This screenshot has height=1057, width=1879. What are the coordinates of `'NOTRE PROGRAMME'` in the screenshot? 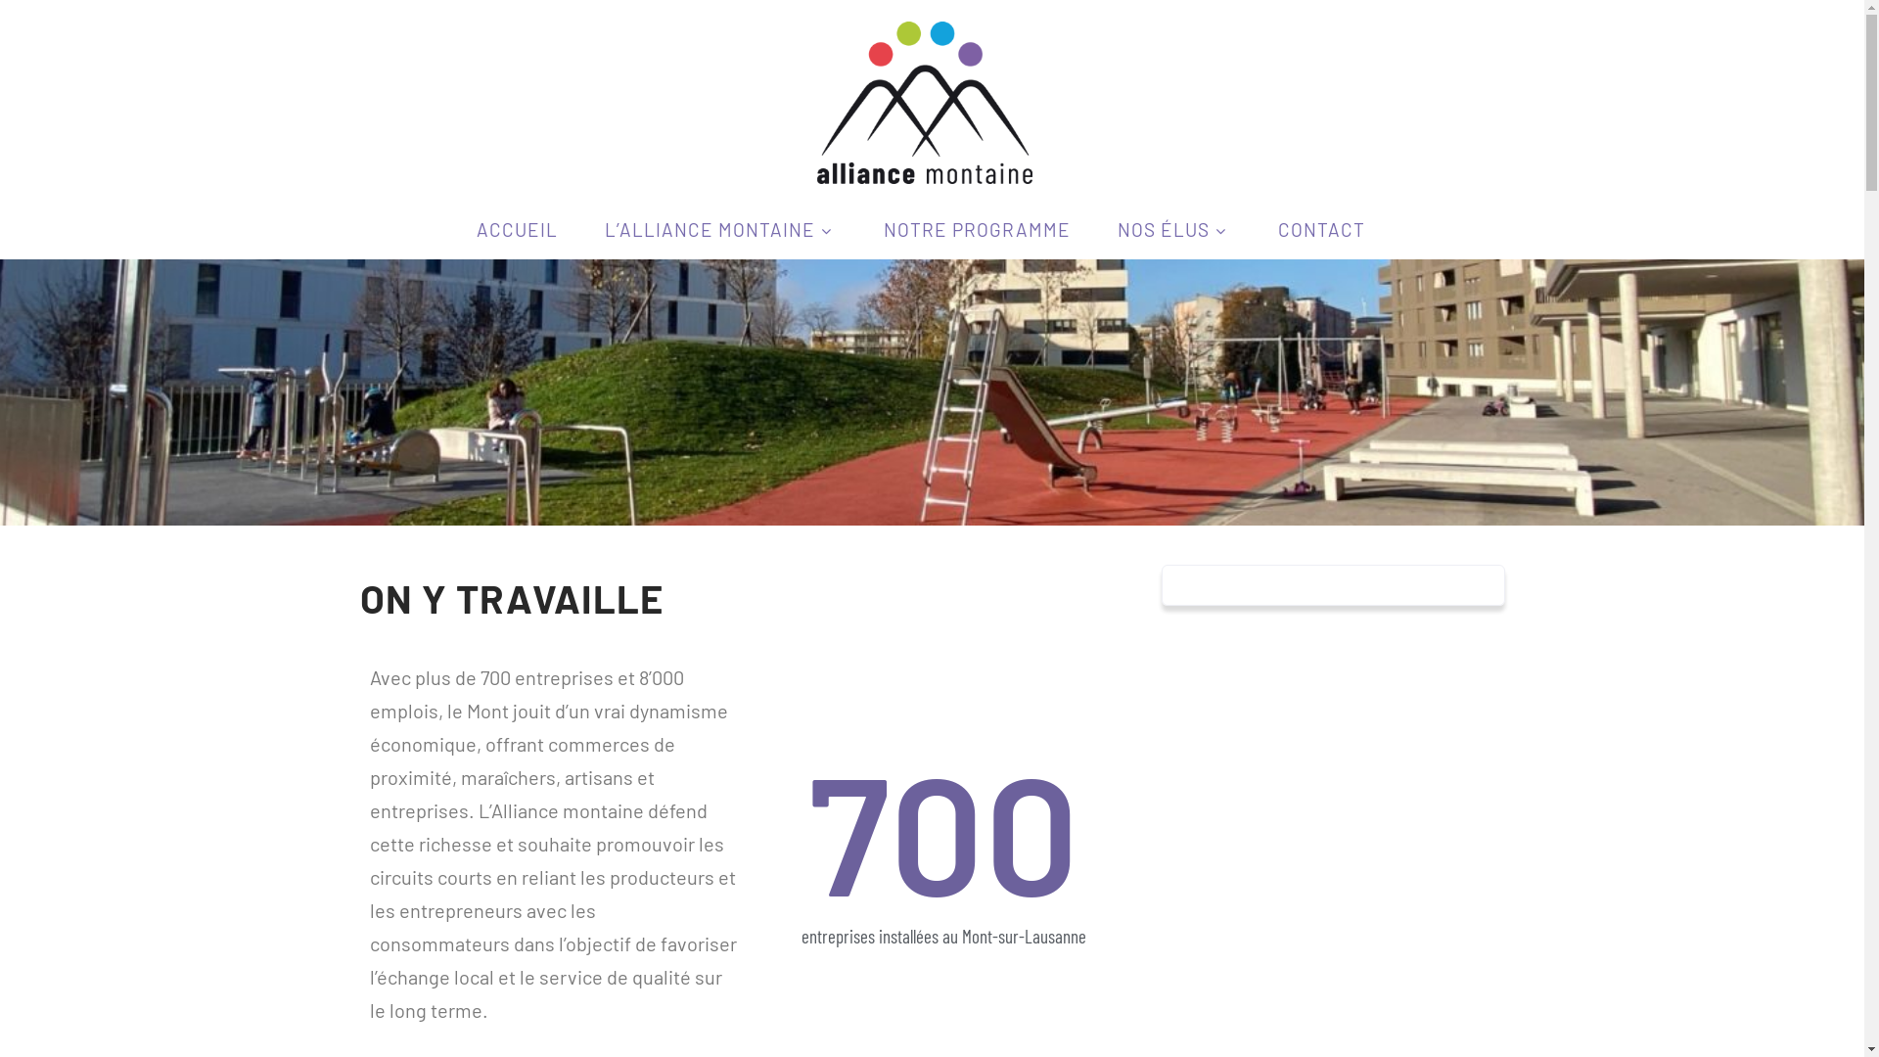 It's located at (976, 228).